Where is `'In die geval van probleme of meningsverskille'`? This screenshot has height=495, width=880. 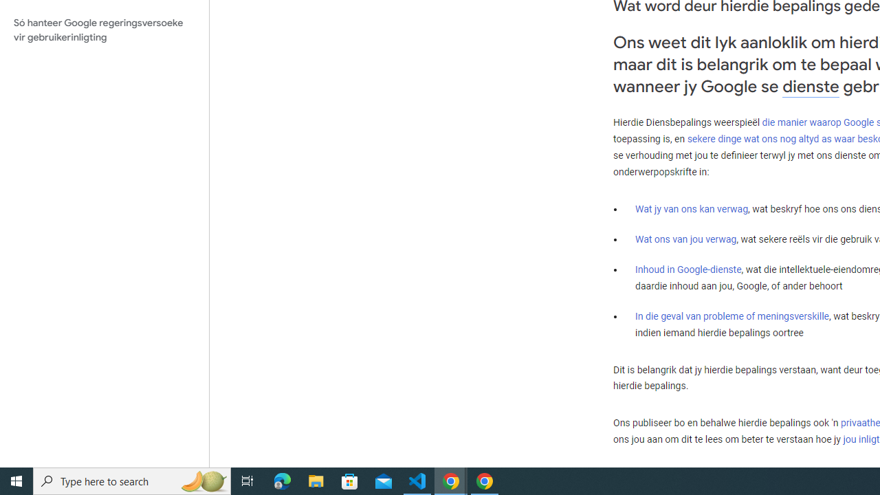 'In die geval van probleme of meningsverskille' is located at coordinates (731, 316).